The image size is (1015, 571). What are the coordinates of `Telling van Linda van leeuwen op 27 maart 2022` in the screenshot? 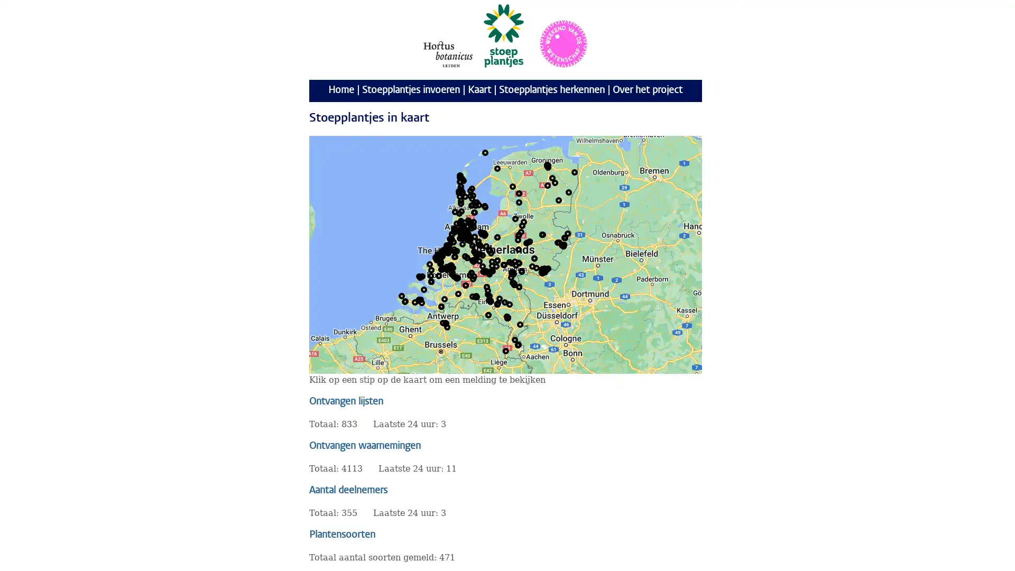 It's located at (440, 262).